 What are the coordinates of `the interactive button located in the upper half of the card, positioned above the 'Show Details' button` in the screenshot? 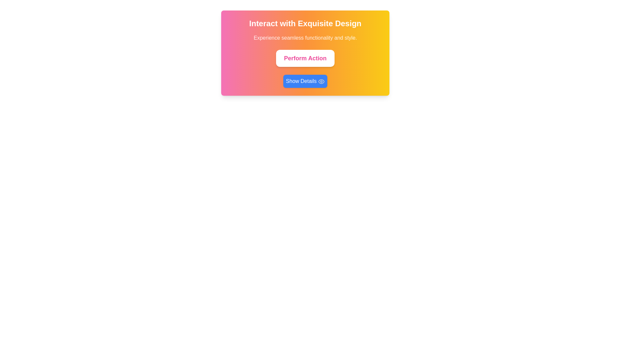 It's located at (305, 58).